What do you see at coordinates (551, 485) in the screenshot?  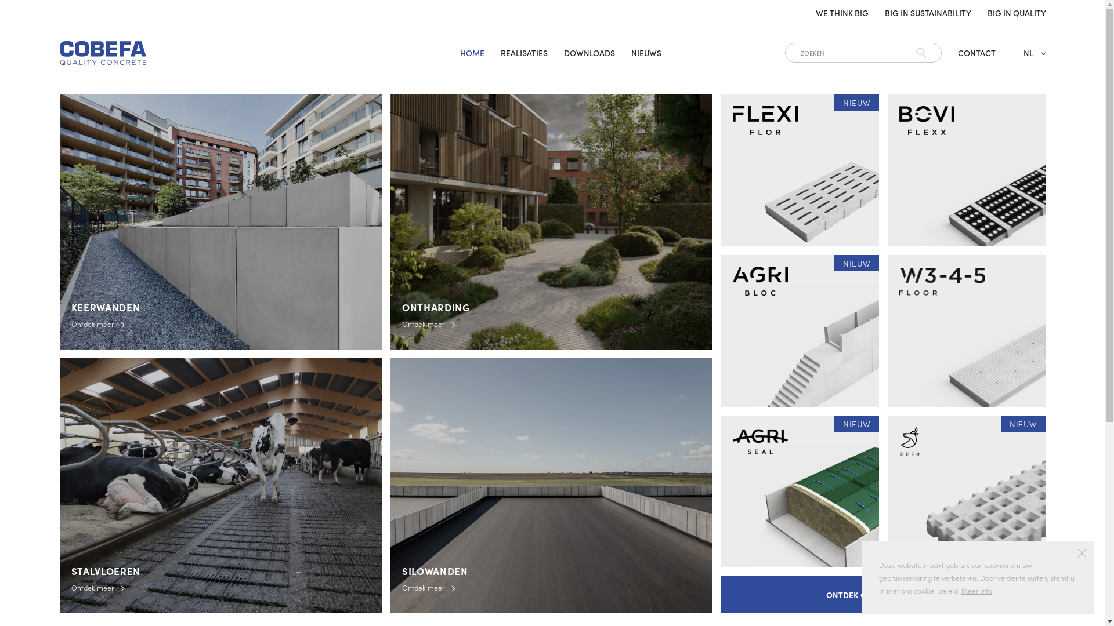 I see `'SILOWANDEN` at bounding box center [551, 485].